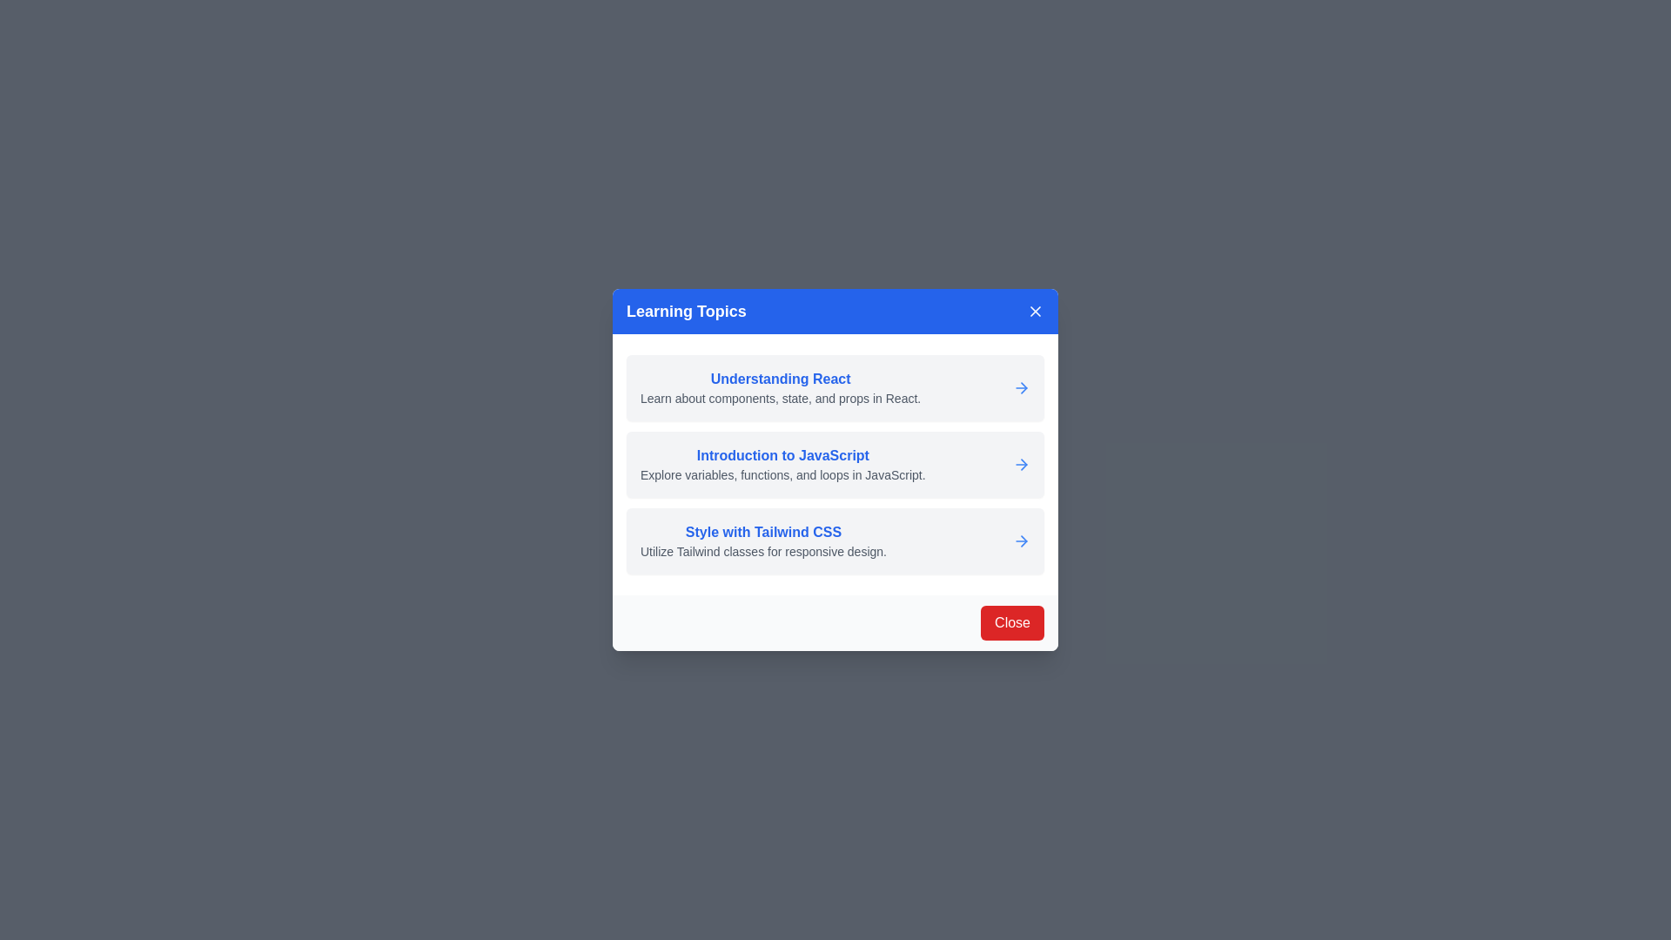 This screenshot has height=940, width=1671. Describe the element at coordinates (835, 540) in the screenshot. I see `the third informational card about styling with Tailwind CSS, which is located below the 'Introduction to JavaScript' card in the main modal window` at that location.